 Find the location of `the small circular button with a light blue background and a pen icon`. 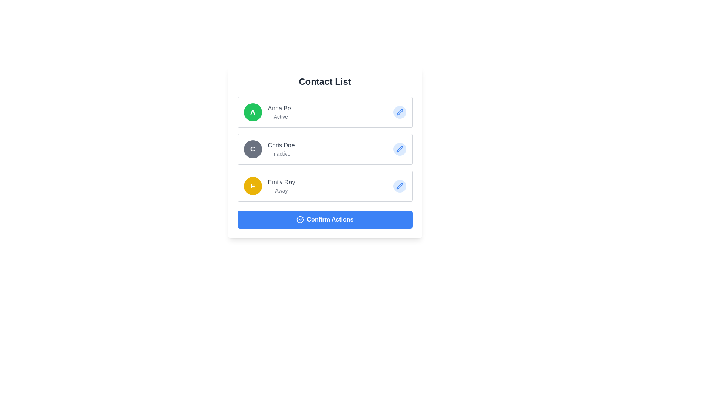

the small circular button with a light blue background and a pen icon is located at coordinates (399, 149).